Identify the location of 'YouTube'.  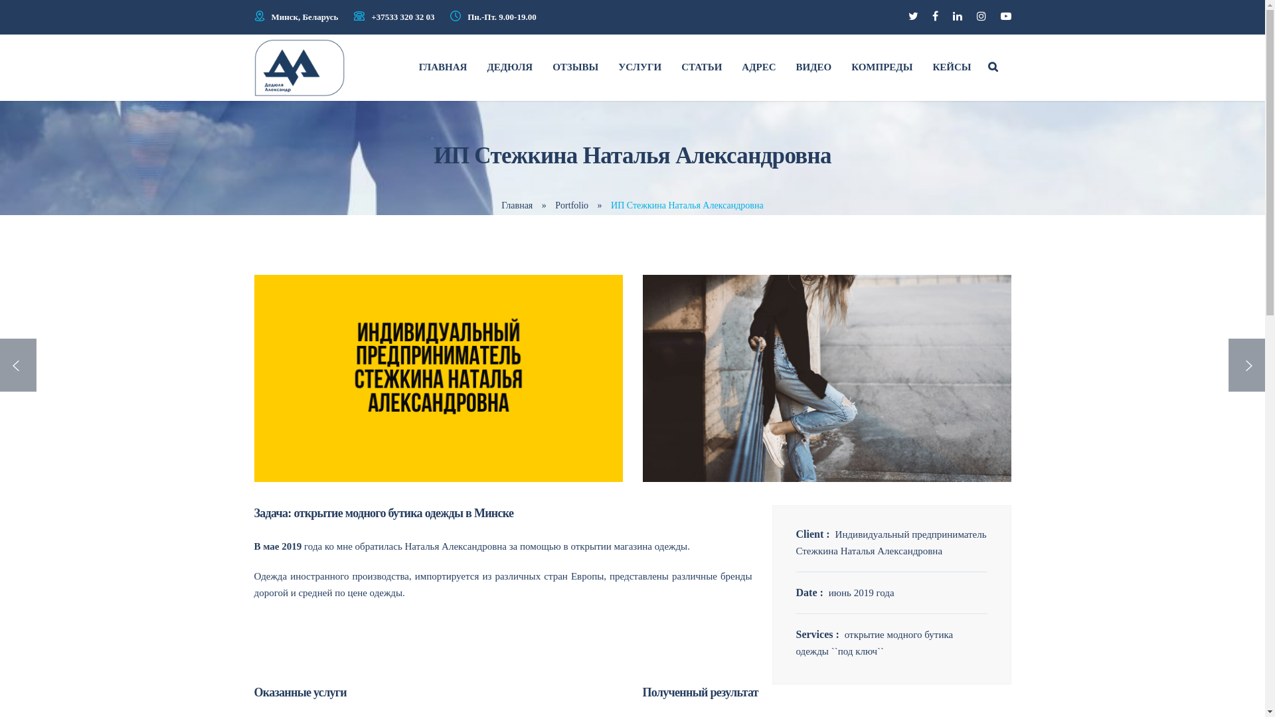
(1000, 16).